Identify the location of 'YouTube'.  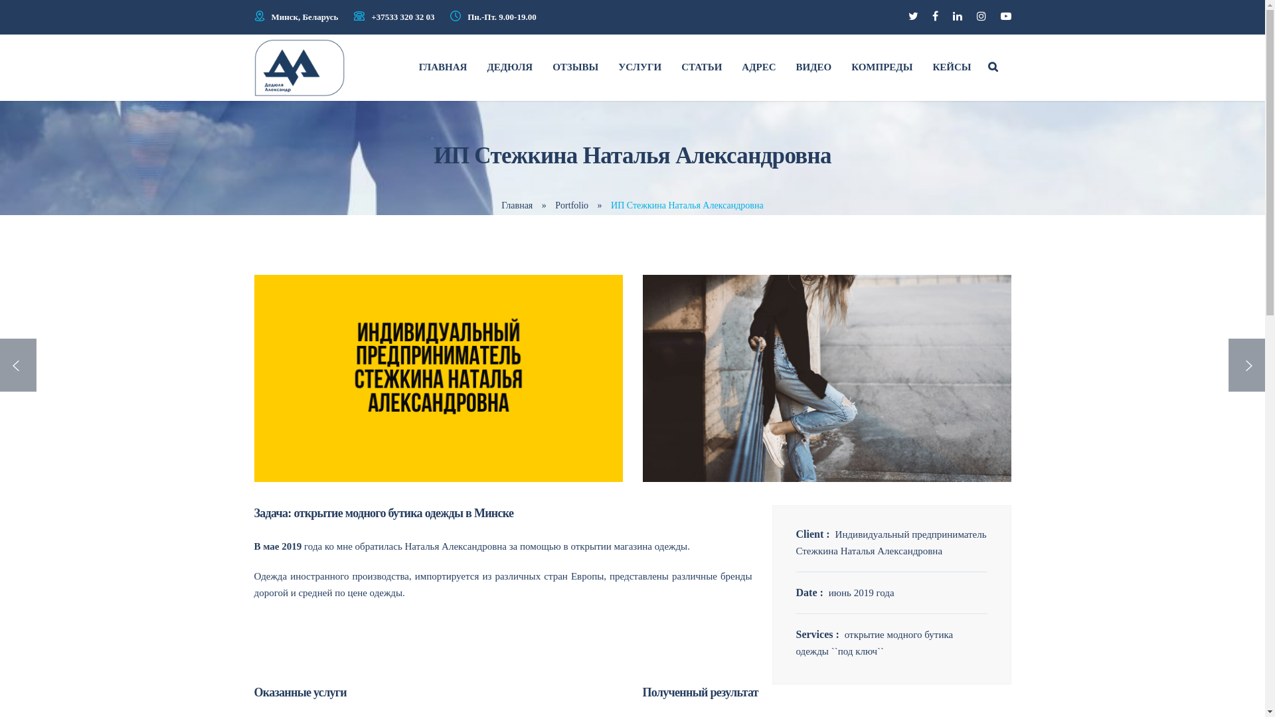
(1000, 16).